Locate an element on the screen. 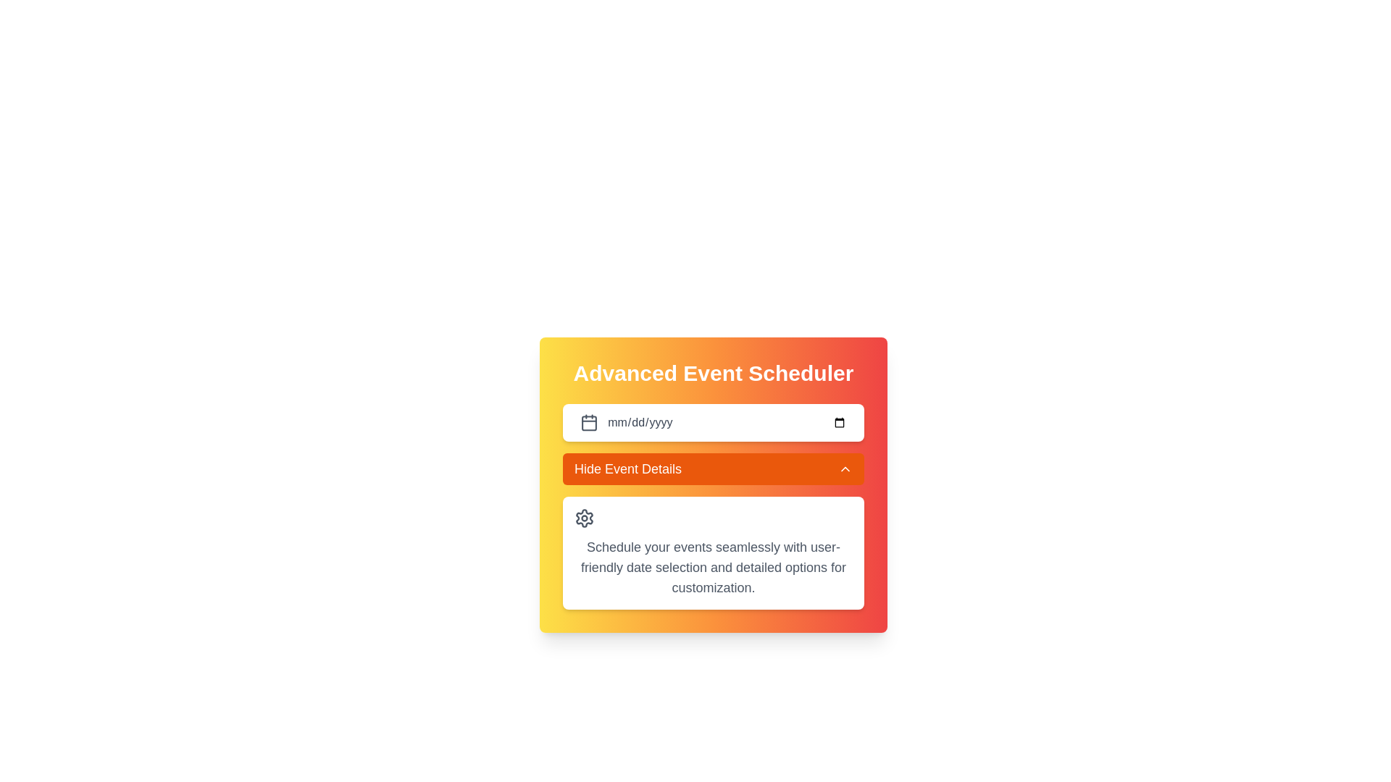 Image resolution: width=1391 pixels, height=782 pixels. text label that says 'Hide Event Details', which is displayed in white on an orange background within a button, positioned in the middle row of the interface is located at coordinates (628, 469).